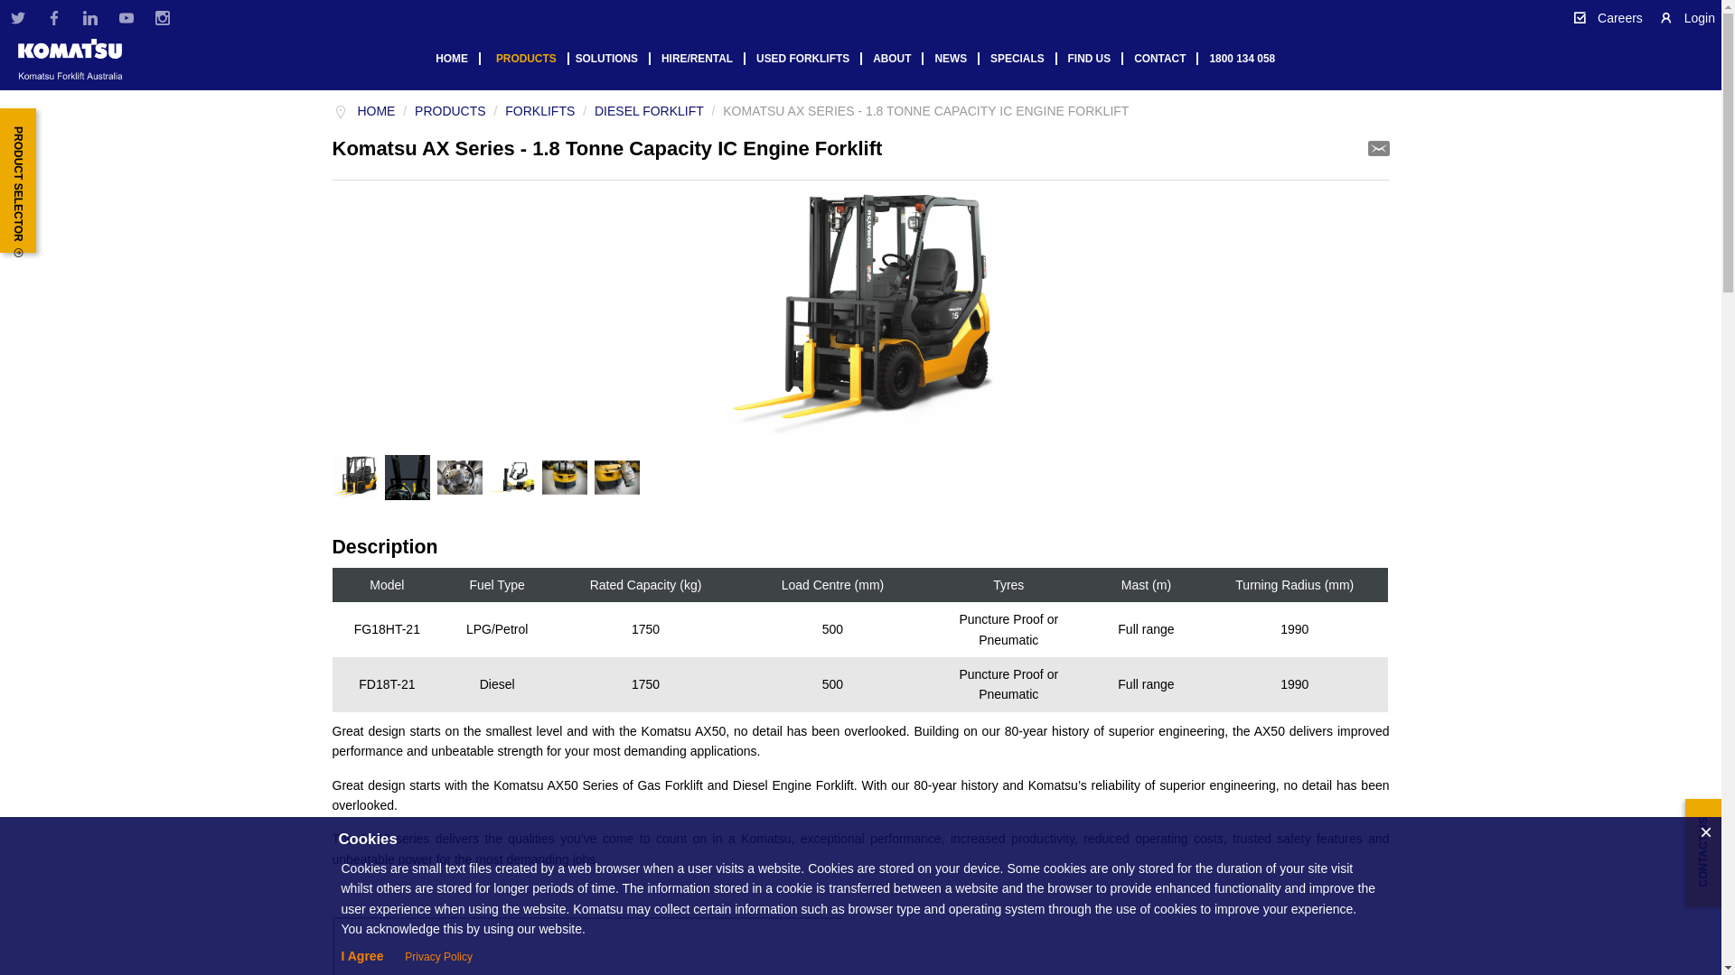 Image resolution: width=1735 pixels, height=975 pixels. Describe the element at coordinates (356, 111) in the screenshot. I see `'HOME'` at that location.